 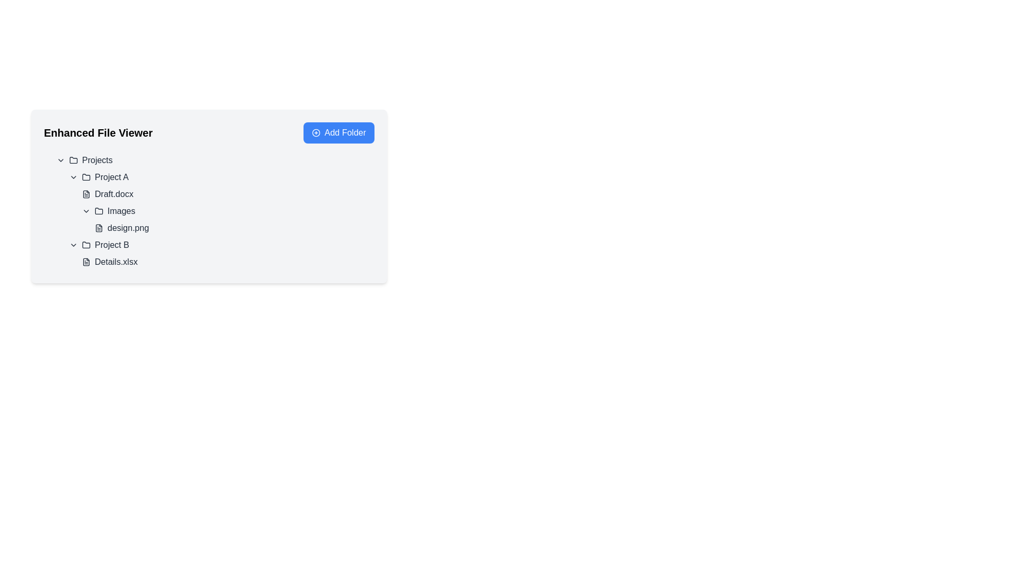 What do you see at coordinates (228, 211) in the screenshot?
I see `the Collapsible folder label under the 'Project A' section` at bounding box center [228, 211].